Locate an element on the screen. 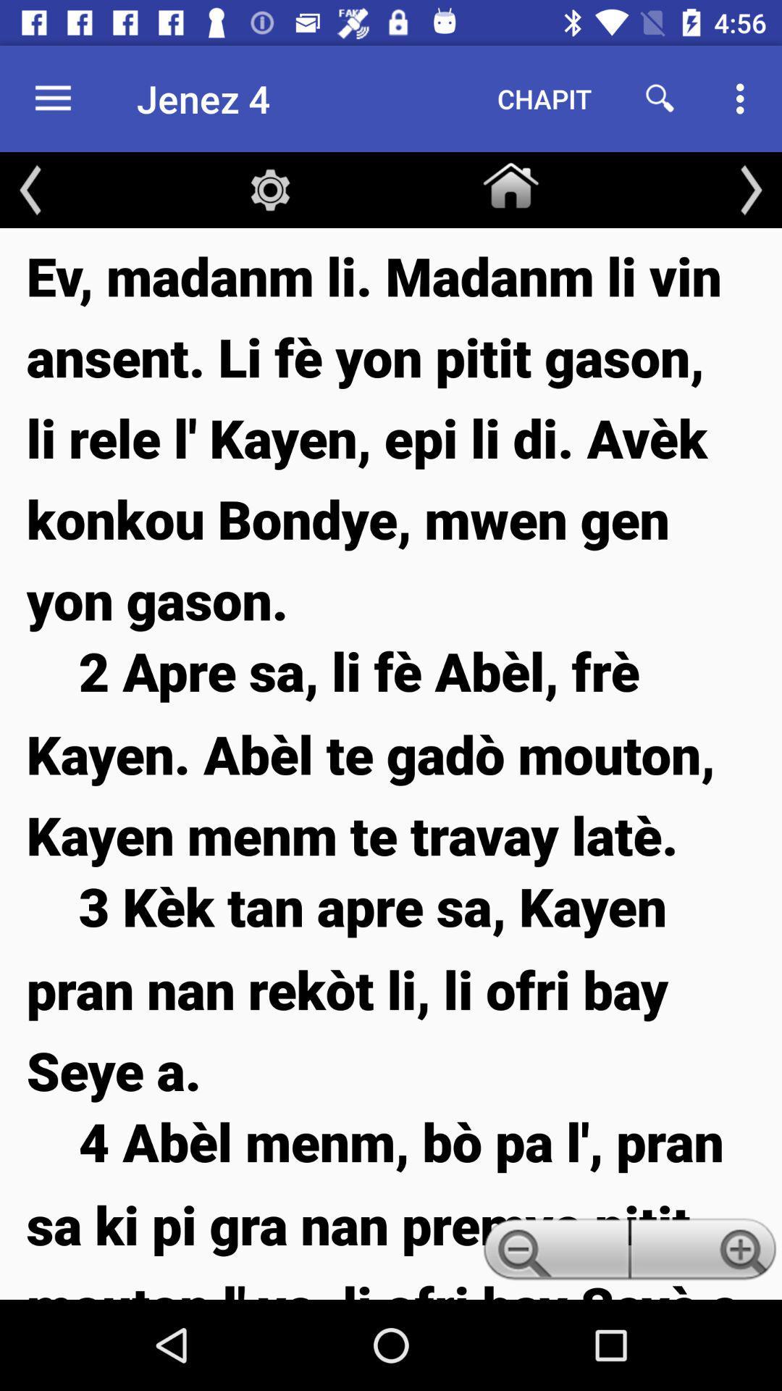 The width and height of the screenshot is (782, 1391). the arrow_backward icon is located at coordinates (30, 189).